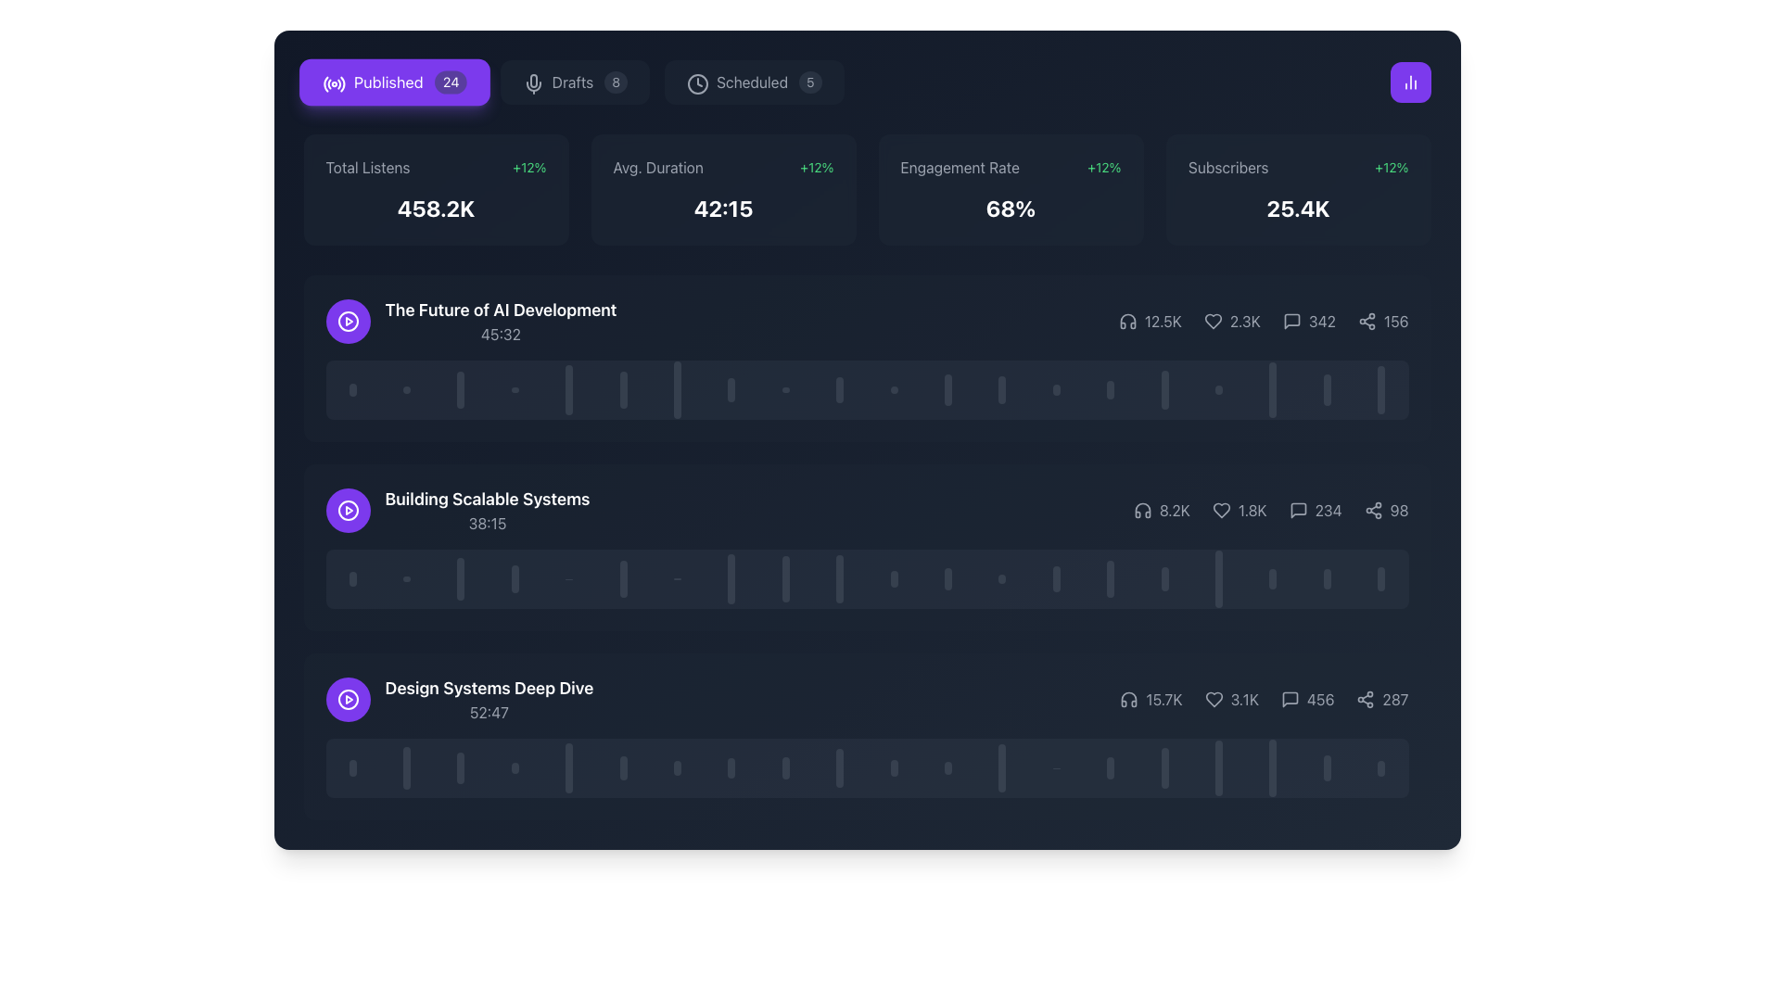 This screenshot has height=1001, width=1780. Describe the element at coordinates (1219, 577) in the screenshot. I see `the 18th vertical bar with rounded ends and gray color in the lower portion of the second content section` at that location.